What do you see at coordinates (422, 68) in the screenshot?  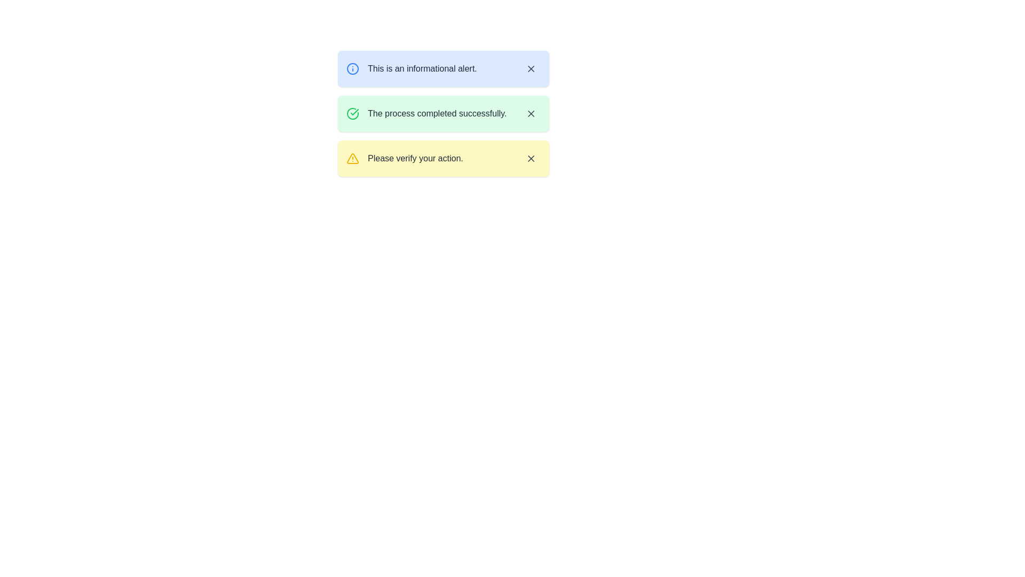 I see `the static text label that says 'This is an informational alert.' located in the first alert box at the top of the three vertically stacked alert boxes` at bounding box center [422, 68].